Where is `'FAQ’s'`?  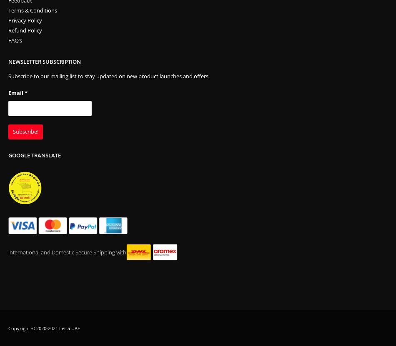 'FAQ’s' is located at coordinates (15, 40).